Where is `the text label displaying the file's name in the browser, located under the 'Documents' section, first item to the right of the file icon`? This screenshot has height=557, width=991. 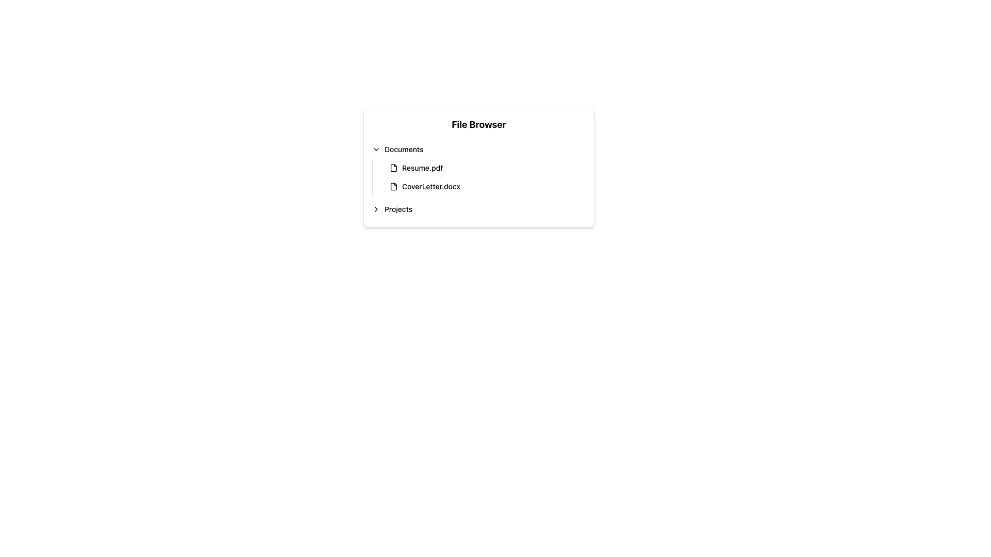
the text label displaying the file's name in the browser, located under the 'Documents' section, first item to the right of the file icon is located at coordinates (422, 168).